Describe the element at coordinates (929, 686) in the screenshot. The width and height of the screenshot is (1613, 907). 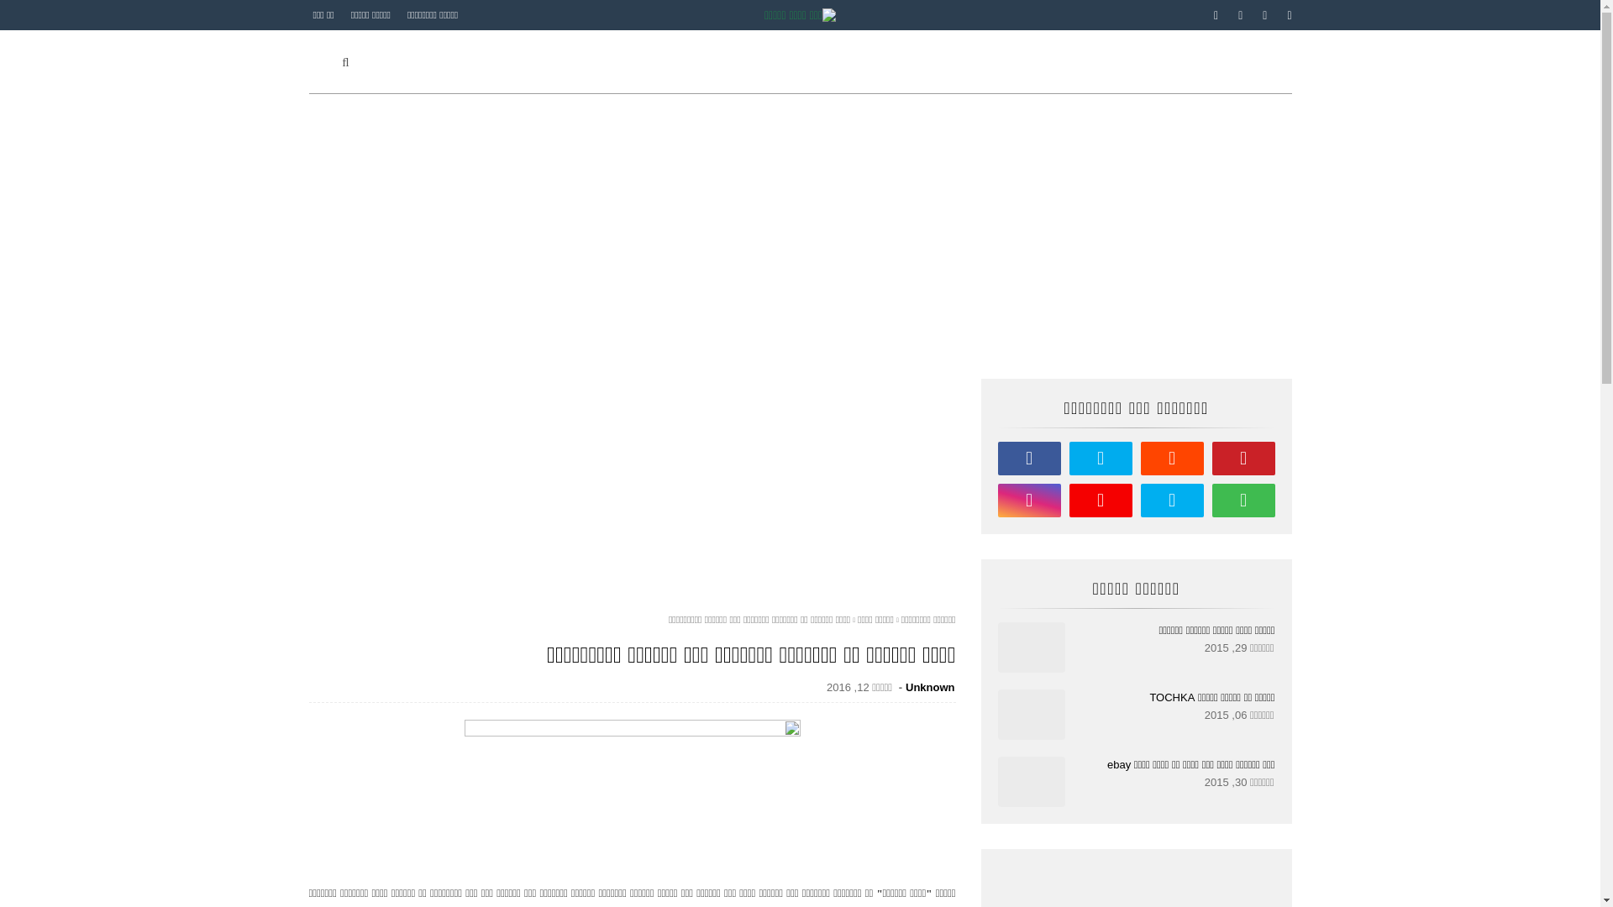
I see `'Unknown'` at that location.